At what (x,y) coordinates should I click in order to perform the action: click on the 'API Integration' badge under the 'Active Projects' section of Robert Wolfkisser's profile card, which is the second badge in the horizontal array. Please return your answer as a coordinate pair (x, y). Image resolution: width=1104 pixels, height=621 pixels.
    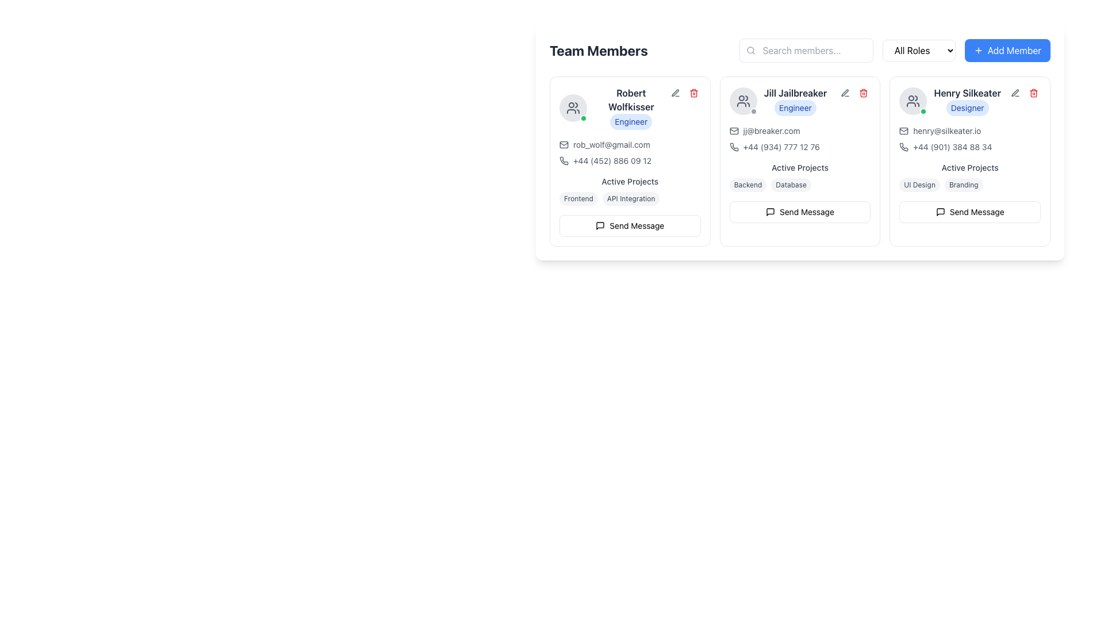
    Looking at the image, I should click on (630, 198).